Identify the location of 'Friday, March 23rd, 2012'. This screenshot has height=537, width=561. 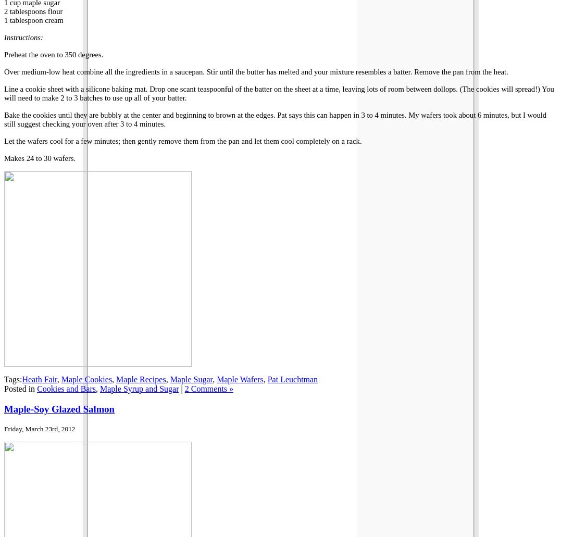
(40, 428).